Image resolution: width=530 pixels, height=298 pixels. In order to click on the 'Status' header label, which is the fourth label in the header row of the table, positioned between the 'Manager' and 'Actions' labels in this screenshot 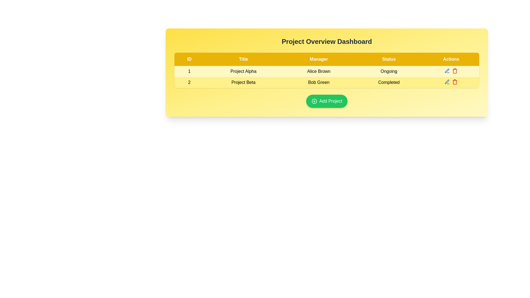, I will do `click(389, 59)`.